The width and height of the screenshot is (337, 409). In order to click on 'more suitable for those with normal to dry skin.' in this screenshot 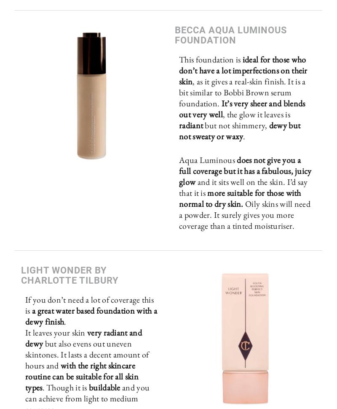, I will do `click(239, 198)`.